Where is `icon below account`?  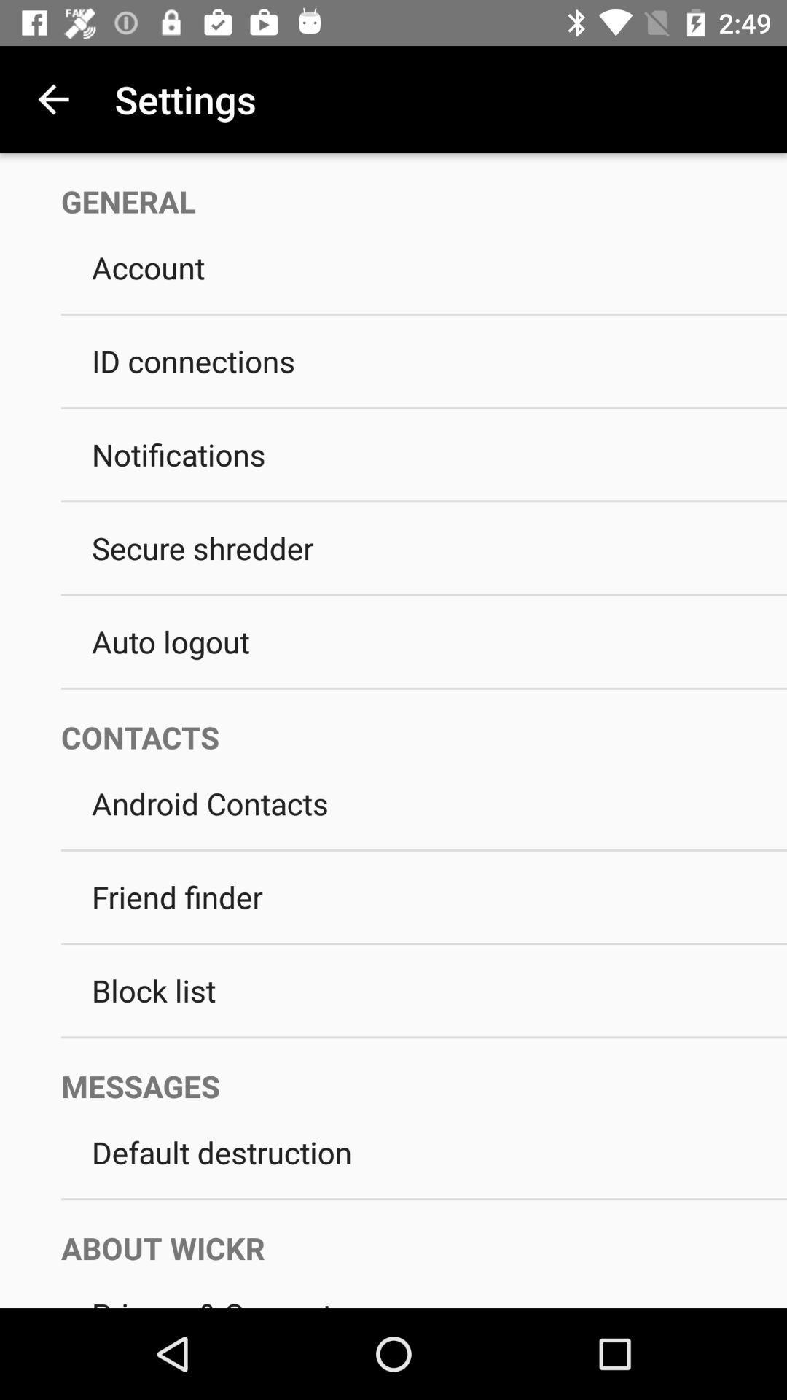
icon below account is located at coordinates (424, 314).